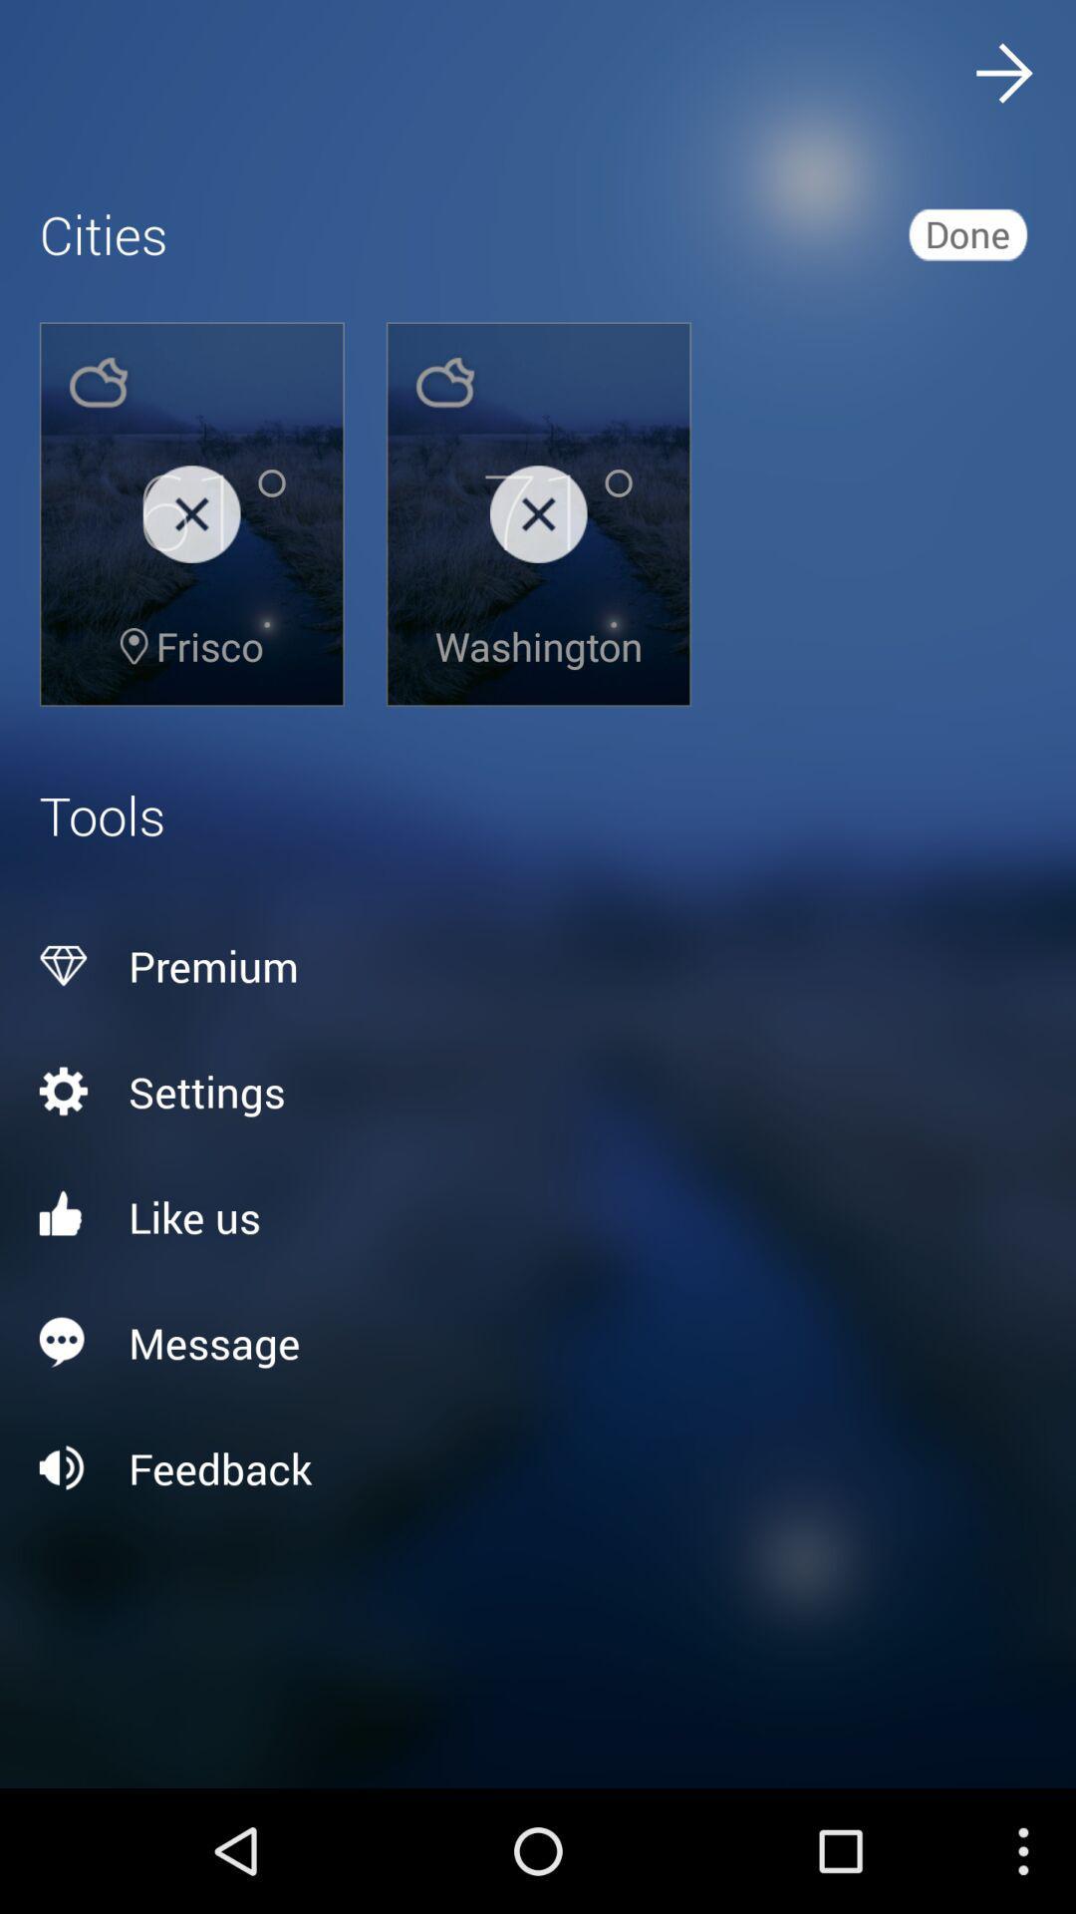 The image size is (1076, 1914). What do you see at coordinates (966, 233) in the screenshot?
I see `done` at bounding box center [966, 233].